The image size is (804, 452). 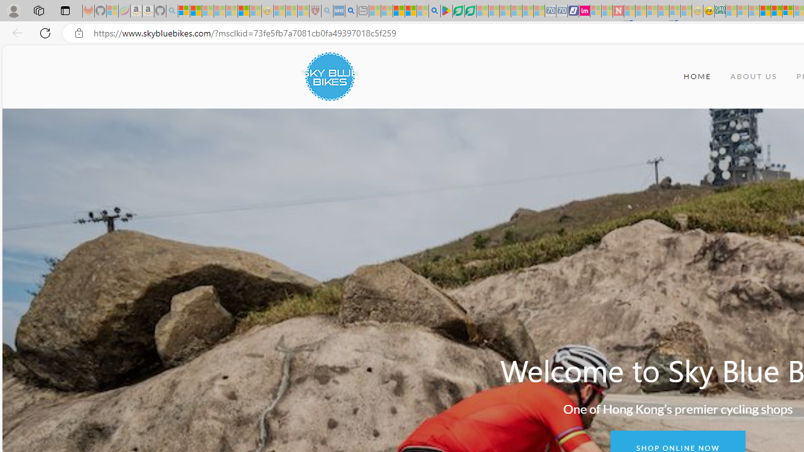 What do you see at coordinates (754, 77) in the screenshot?
I see `'ABOUT US'` at bounding box center [754, 77].